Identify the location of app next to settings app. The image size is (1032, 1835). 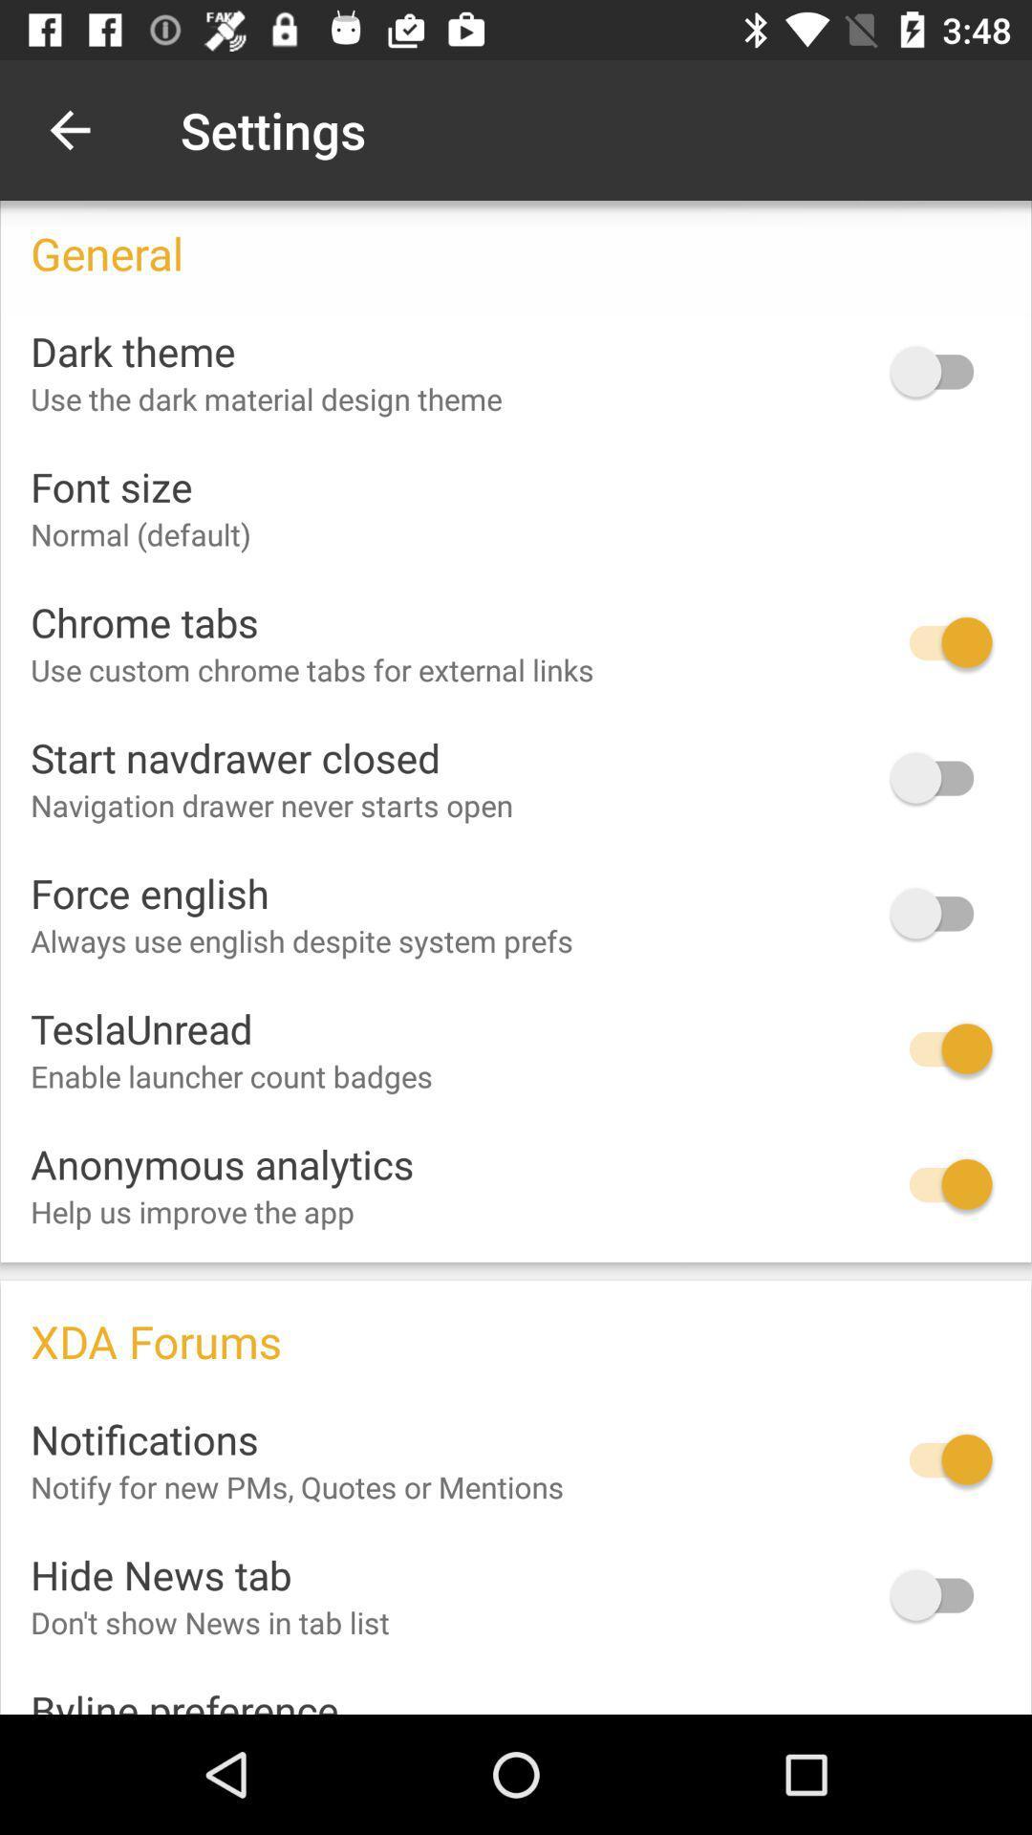
(69, 129).